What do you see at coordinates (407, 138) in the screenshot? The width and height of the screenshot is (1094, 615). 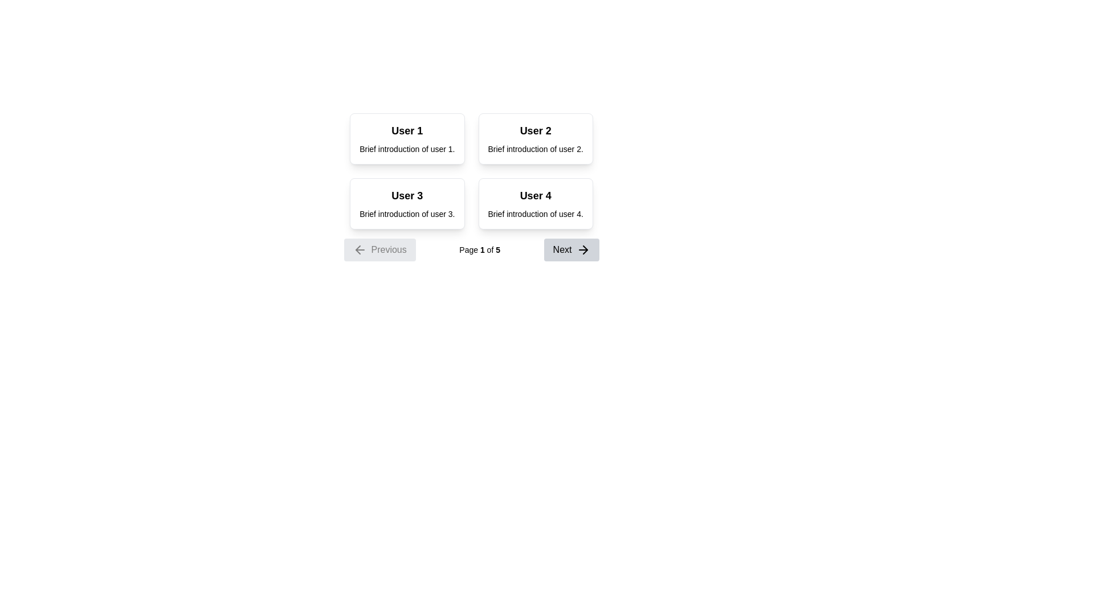 I see `the Card element displaying 'User 1' with a white background and rounded borders, located at the top left of the grid layout` at bounding box center [407, 138].